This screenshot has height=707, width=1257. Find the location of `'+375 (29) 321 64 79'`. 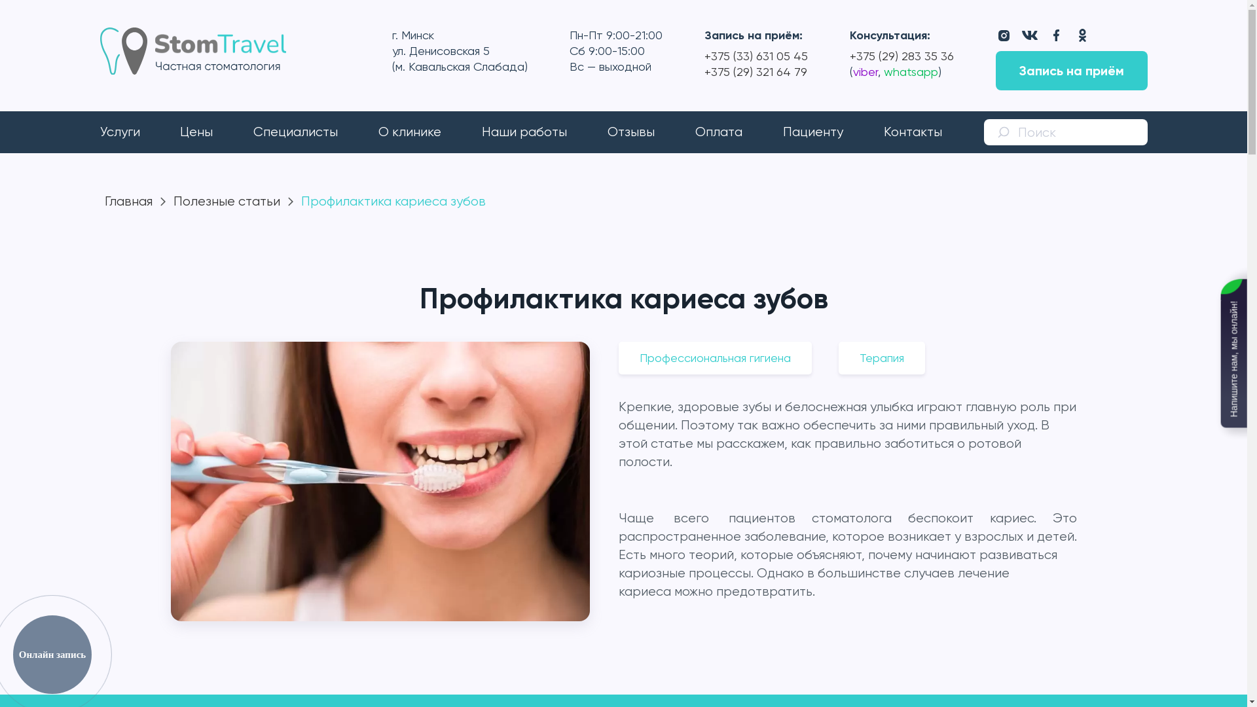

'+375 (29) 321 64 79' is located at coordinates (756, 71).